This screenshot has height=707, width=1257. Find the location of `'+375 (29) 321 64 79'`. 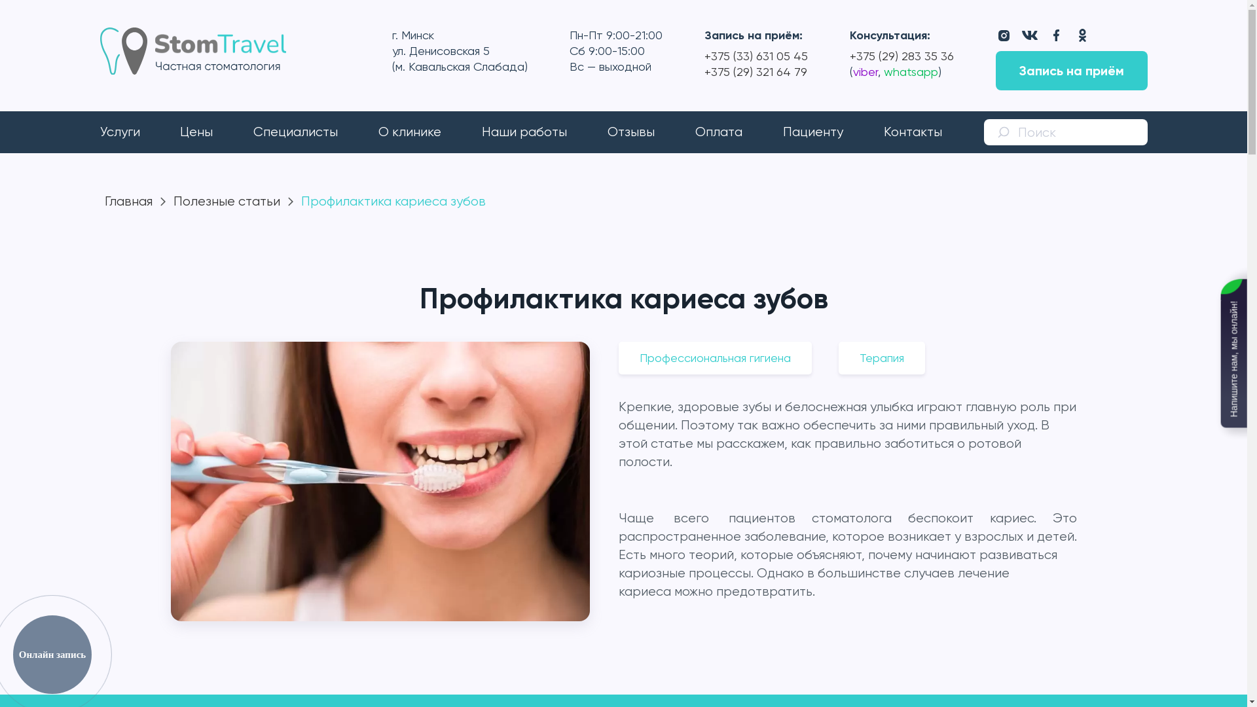

'+375 (29) 321 64 79' is located at coordinates (756, 71).